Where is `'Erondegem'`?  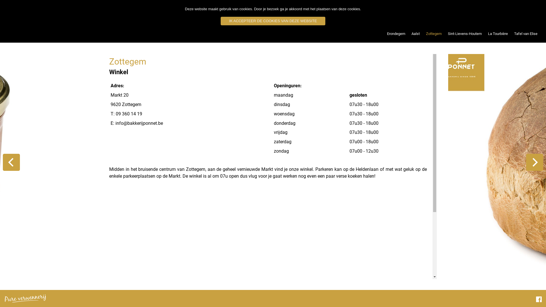 'Erondegem' is located at coordinates (384, 34).